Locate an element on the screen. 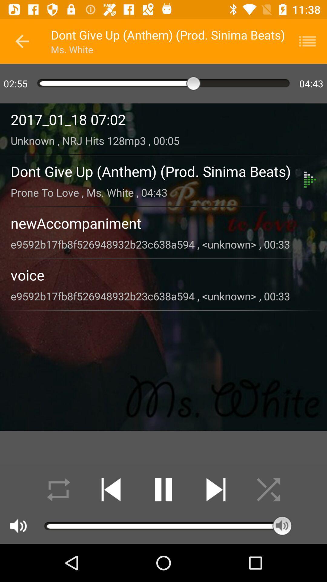 This screenshot has height=582, width=327. newaccompaniment icon is located at coordinates (163, 223).